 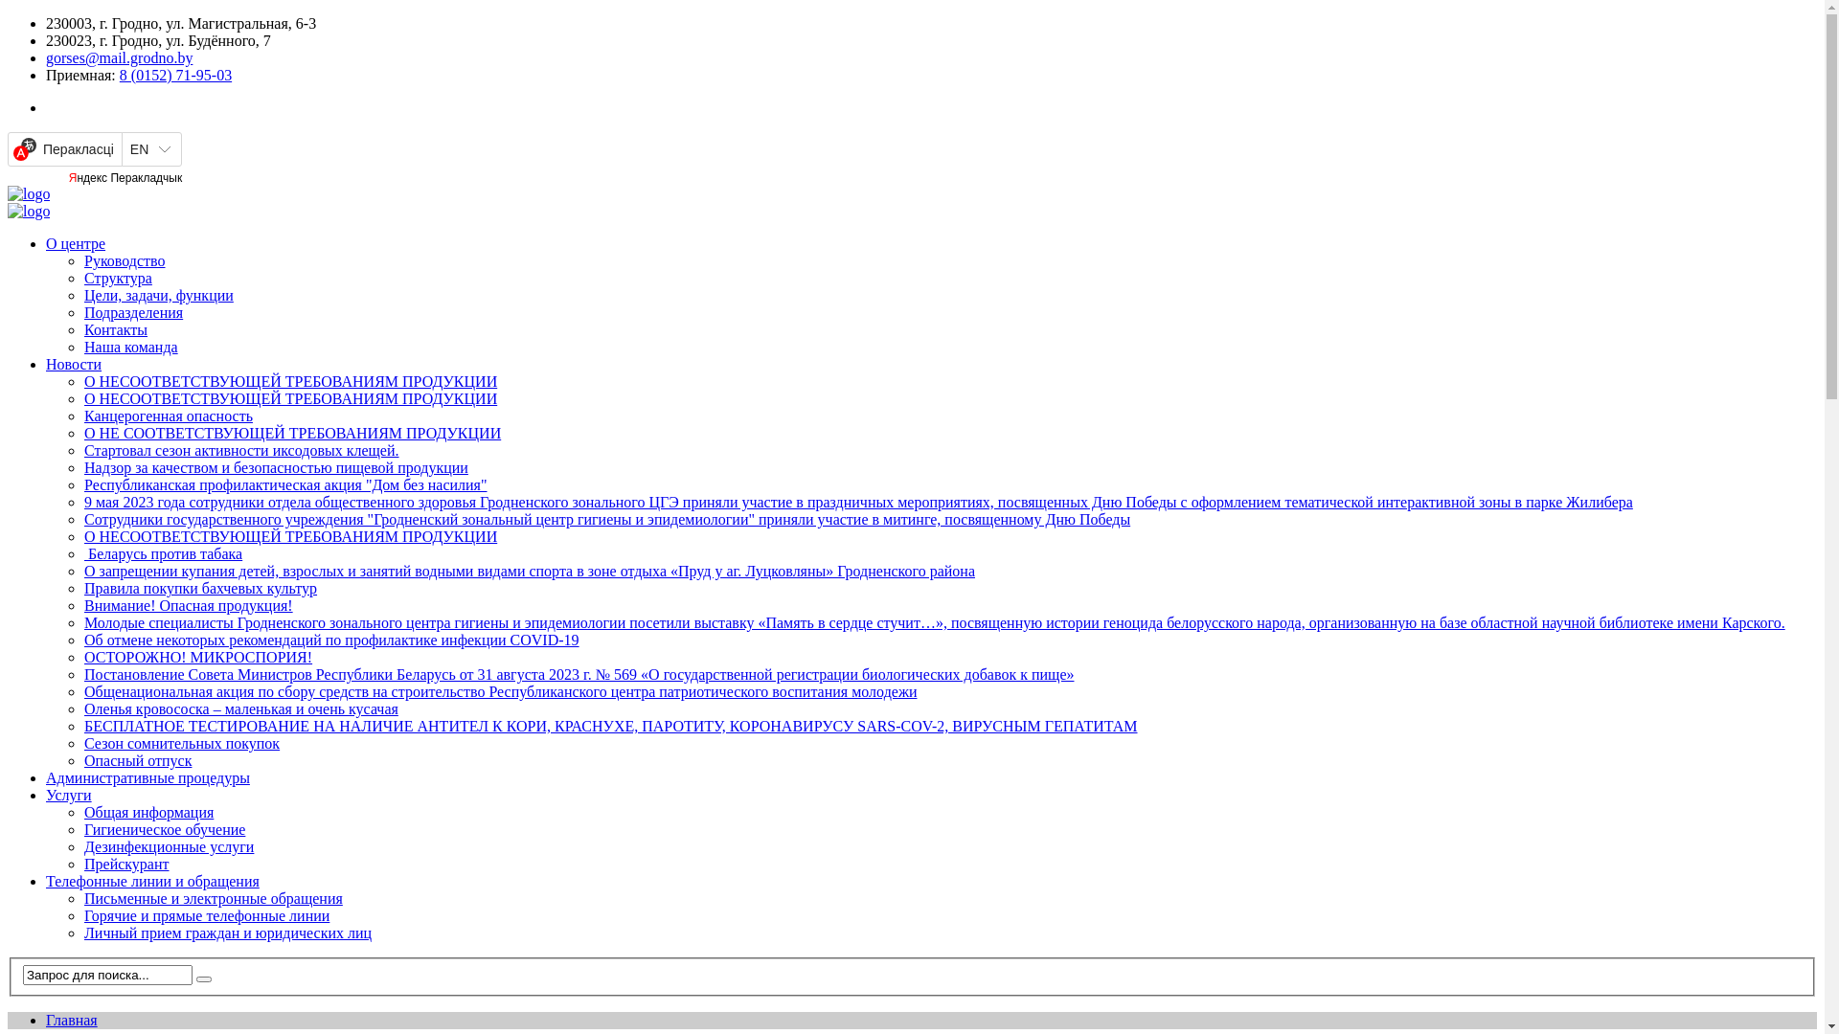 I want to click on 'gorses@mail.grodno.by', so click(x=118, y=56).